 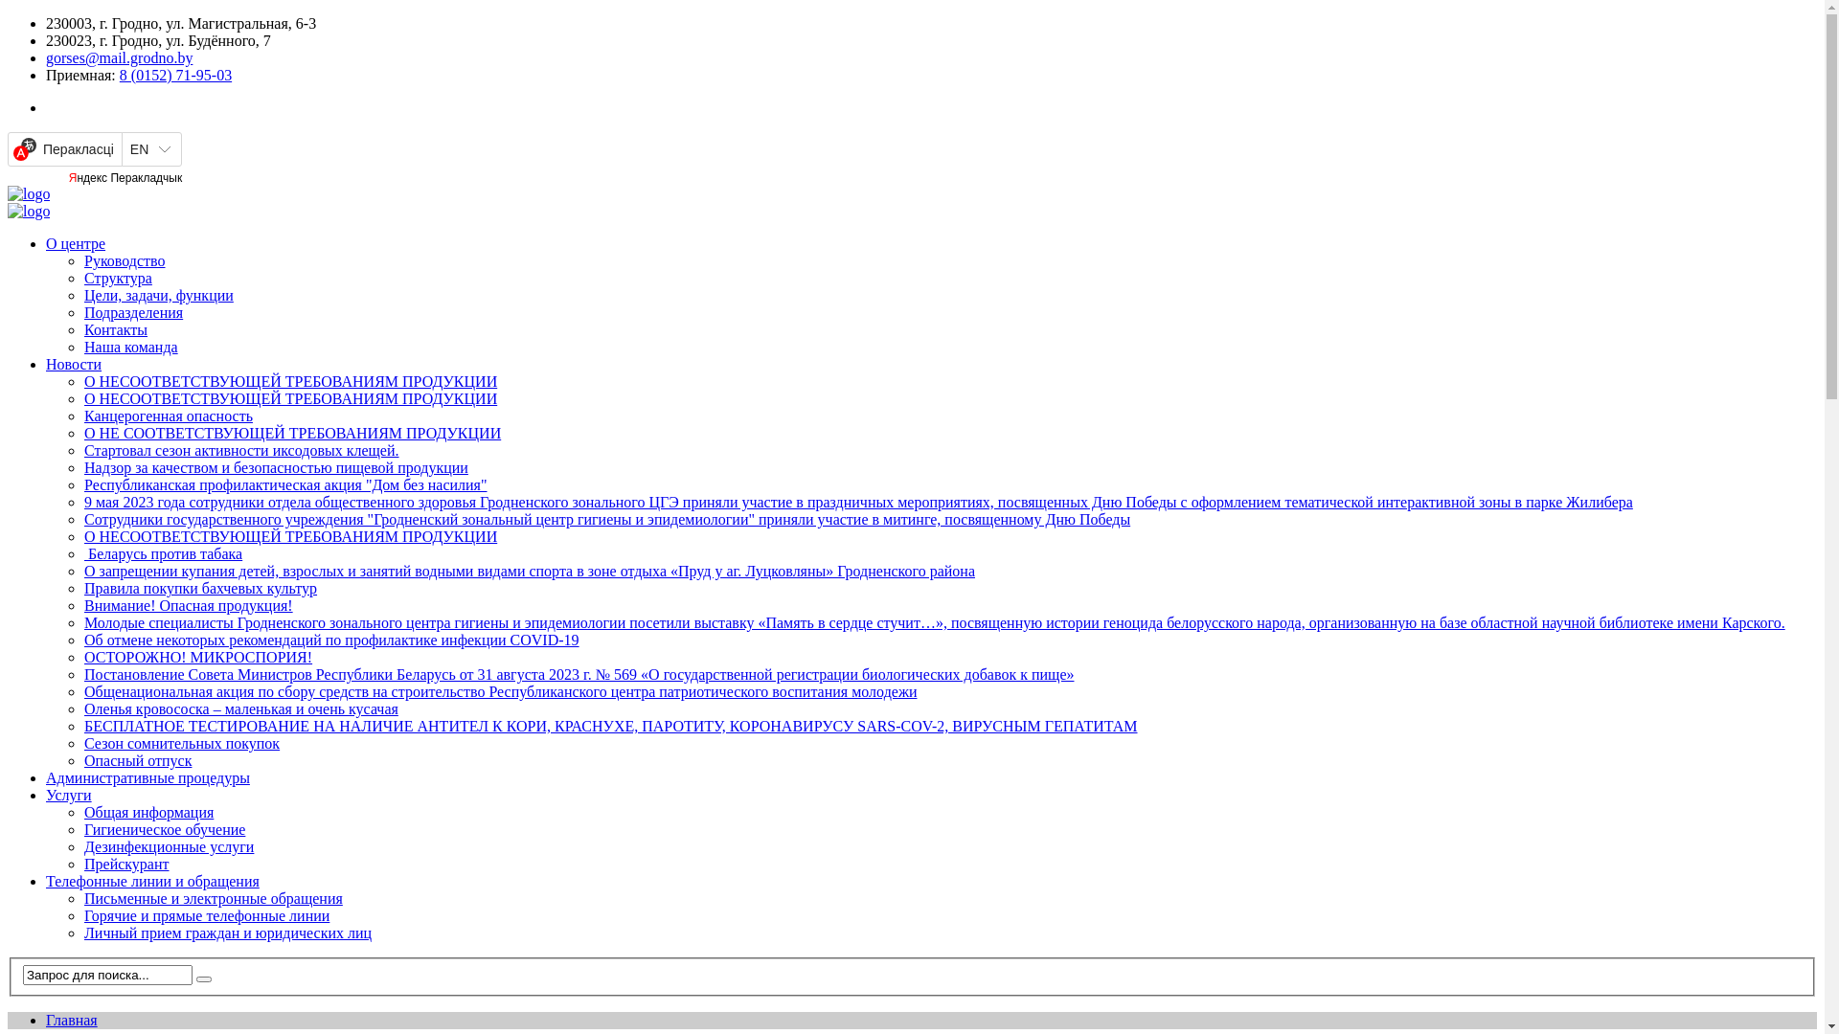 I want to click on 'gorses@mail.grodno.by', so click(x=118, y=56).